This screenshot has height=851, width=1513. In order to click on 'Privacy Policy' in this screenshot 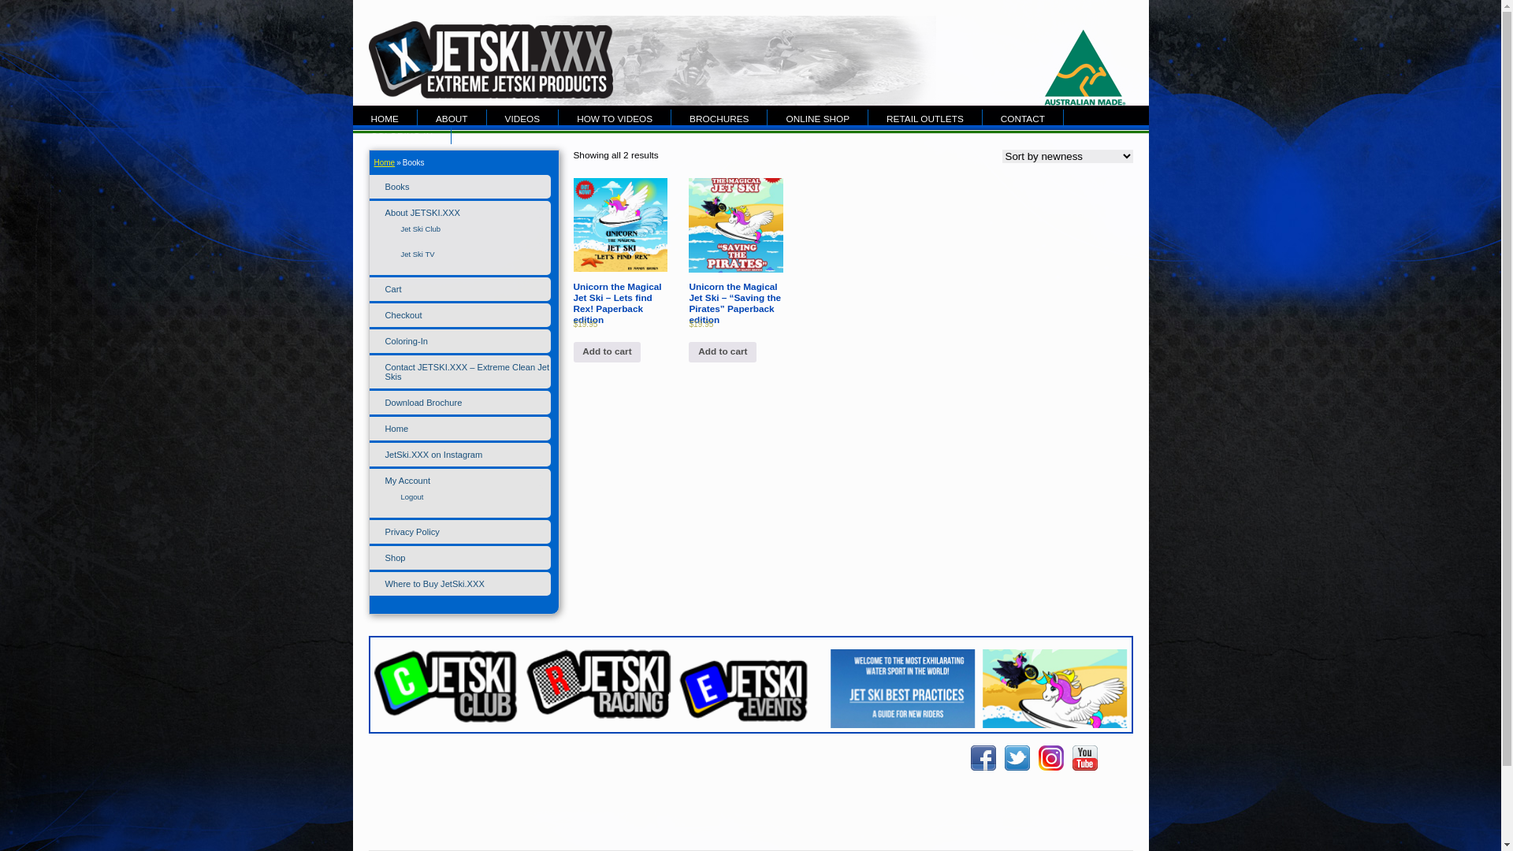, I will do `click(411, 532)`.